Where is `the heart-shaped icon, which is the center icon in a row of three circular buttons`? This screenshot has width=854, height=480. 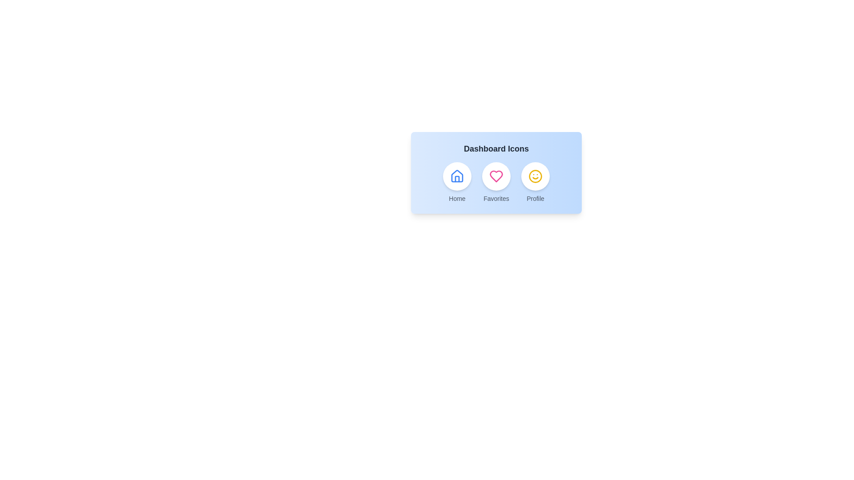 the heart-shaped icon, which is the center icon in a row of three circular buttons is located at coordinates (496, 176).